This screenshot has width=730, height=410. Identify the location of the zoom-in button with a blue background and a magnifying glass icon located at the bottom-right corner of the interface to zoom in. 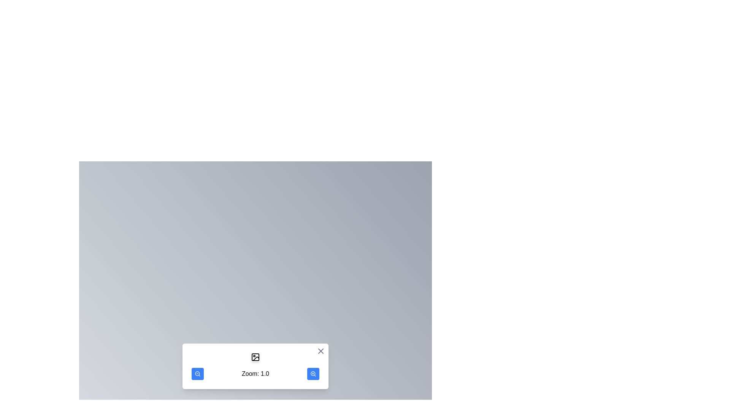
(313, 373).